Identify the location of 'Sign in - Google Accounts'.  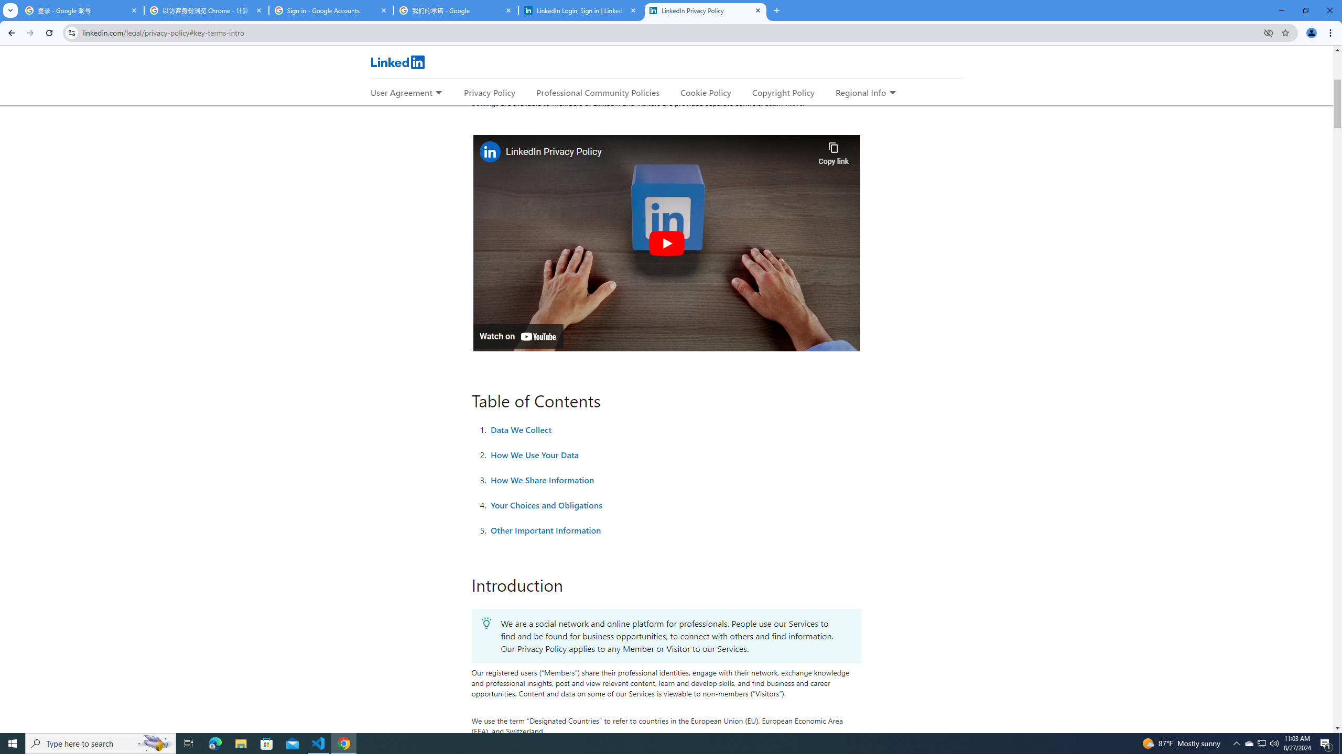
(331, 10).